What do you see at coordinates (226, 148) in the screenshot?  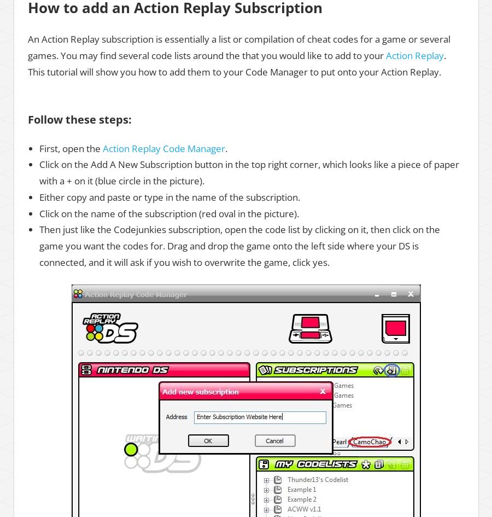 I see `'.'` at bounding box center [226, 148].